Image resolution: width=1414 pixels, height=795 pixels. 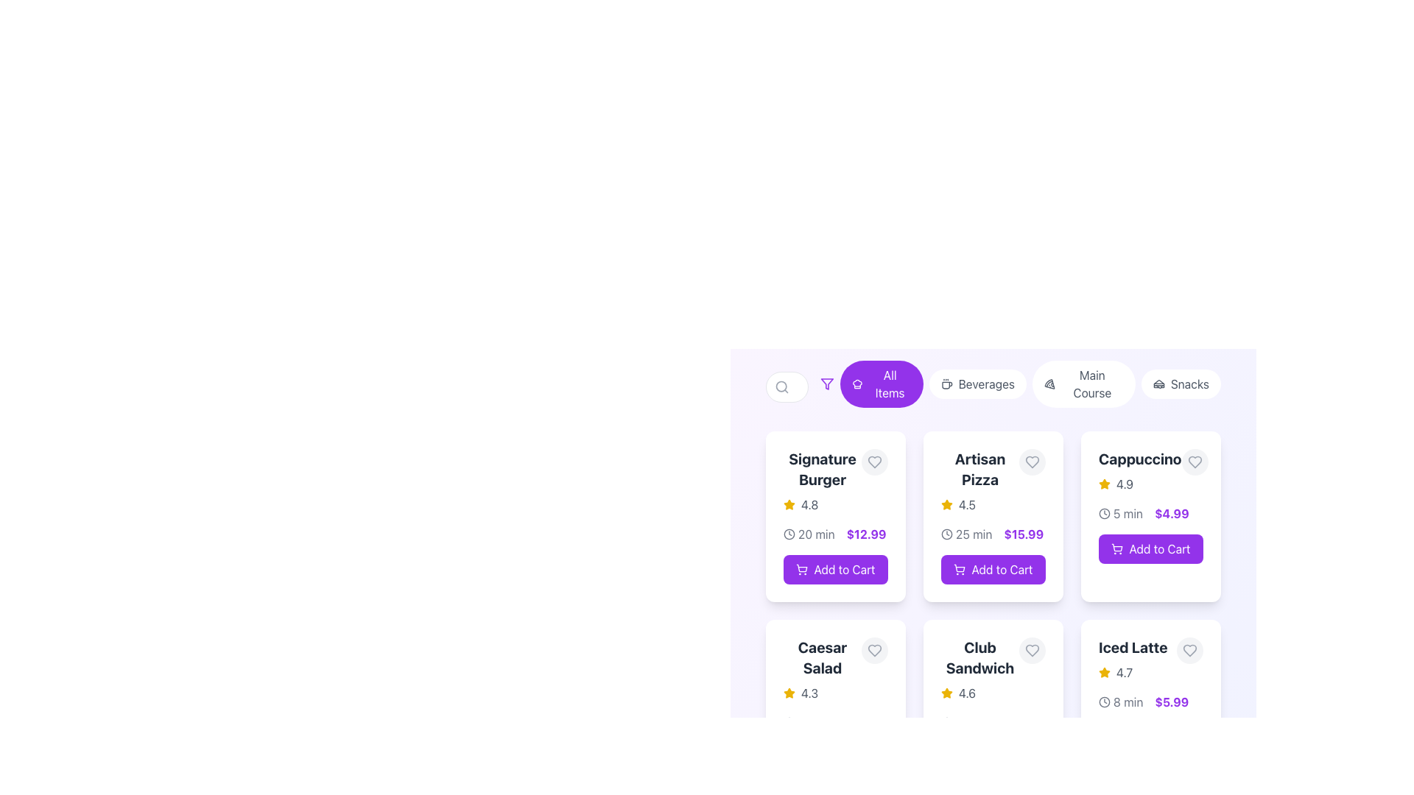 I want to click on the informational text label displaying the user rating score for the 'Club Sandwich' item, located in the bottom-middle of the grid layout, so click(x=967, y=693).